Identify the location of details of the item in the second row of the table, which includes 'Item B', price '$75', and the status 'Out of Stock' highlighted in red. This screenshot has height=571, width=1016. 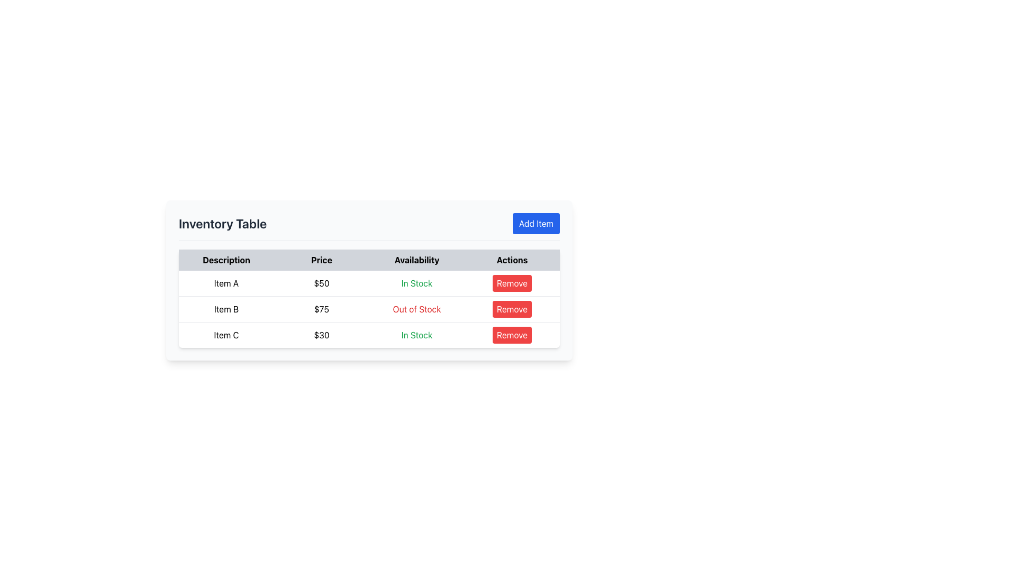
(369, 309).